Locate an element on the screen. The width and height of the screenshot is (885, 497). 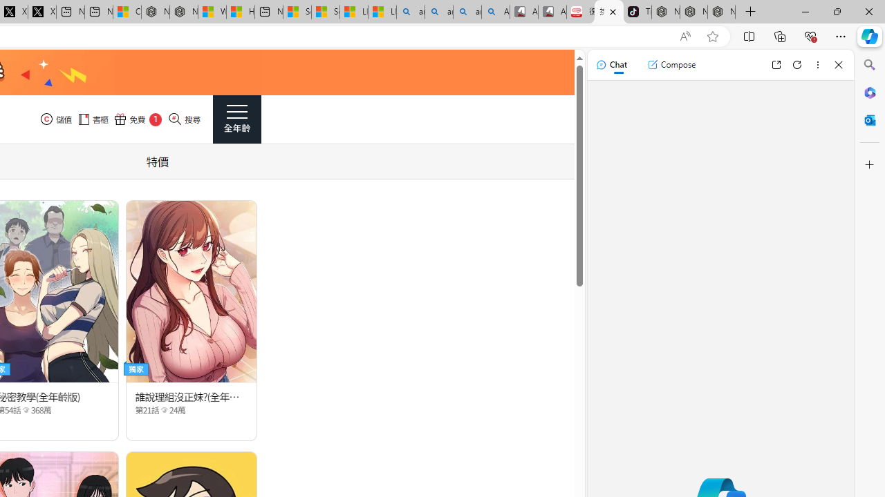
'Open link in new tab' is located at coordinates (776, 64).